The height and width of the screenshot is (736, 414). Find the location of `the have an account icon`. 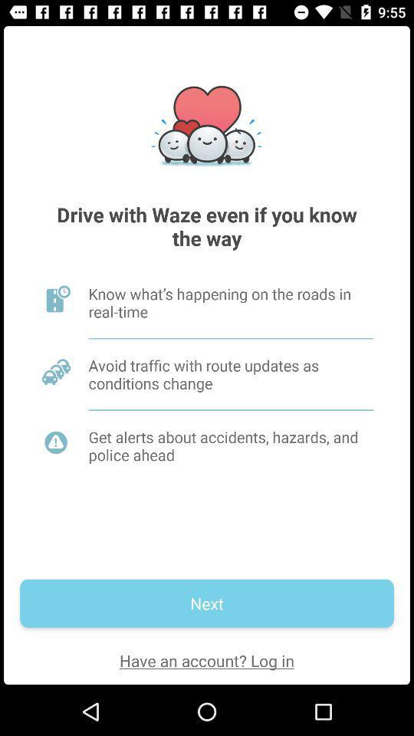

the have an account icon is located at coordinates (207, 659).